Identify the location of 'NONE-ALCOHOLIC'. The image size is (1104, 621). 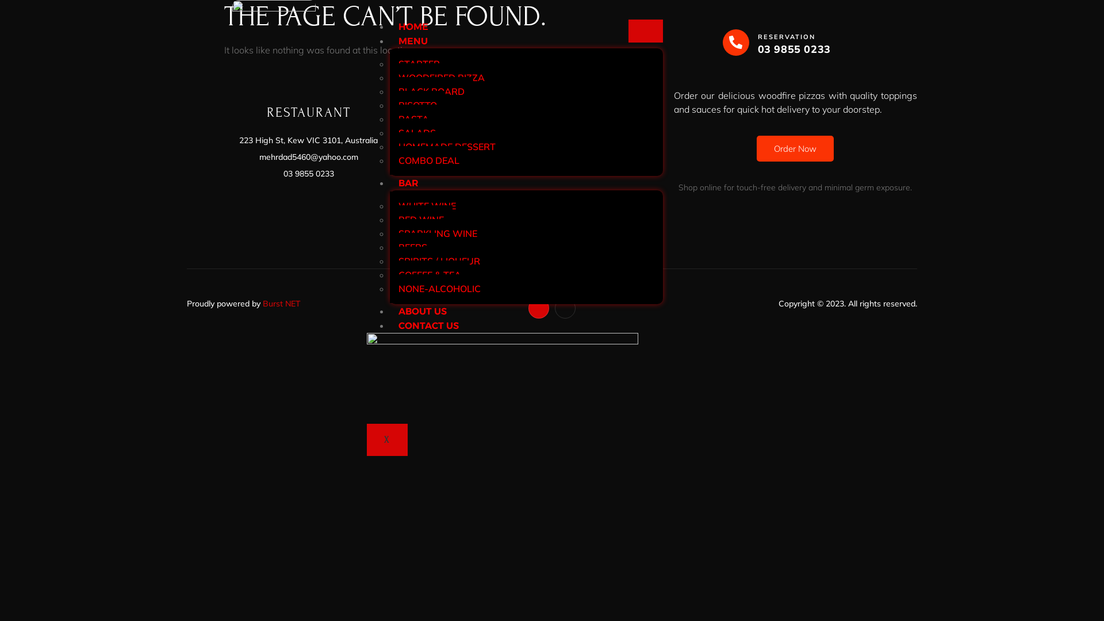
(439, 287).